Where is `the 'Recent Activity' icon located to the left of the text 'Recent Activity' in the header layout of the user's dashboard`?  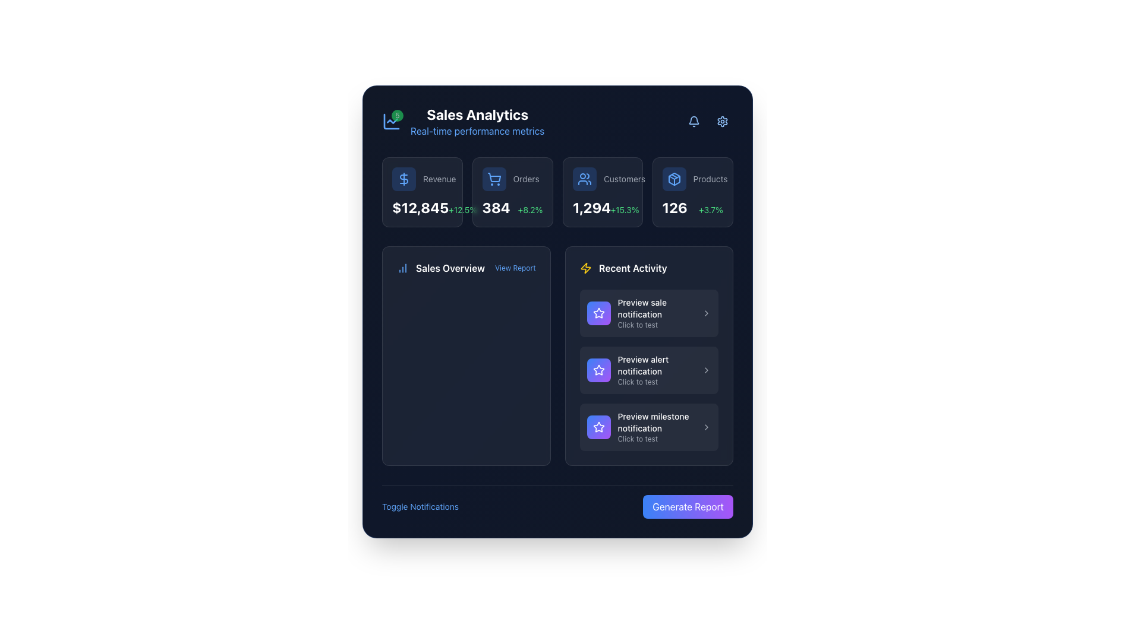
the 'Recent Activity' icon located to the left of the text 'Recent Activity' in the header layout of the user's dashboard is located at coordinates (585, 268).